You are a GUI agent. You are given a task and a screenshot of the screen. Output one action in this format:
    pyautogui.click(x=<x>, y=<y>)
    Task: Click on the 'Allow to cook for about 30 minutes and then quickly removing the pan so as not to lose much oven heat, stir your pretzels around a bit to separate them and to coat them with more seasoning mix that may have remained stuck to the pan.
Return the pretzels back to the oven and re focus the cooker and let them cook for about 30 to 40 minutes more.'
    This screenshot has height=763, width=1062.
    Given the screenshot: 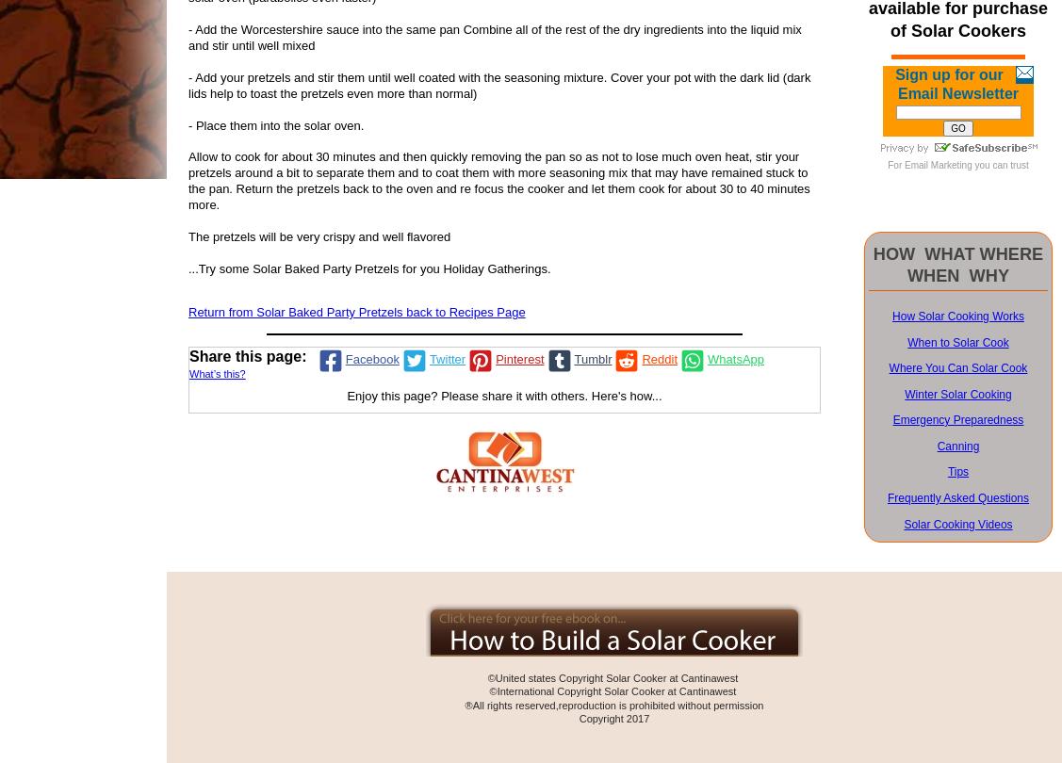 What is the action you would take?
    pyautogui.click(x=498, y=180)
    